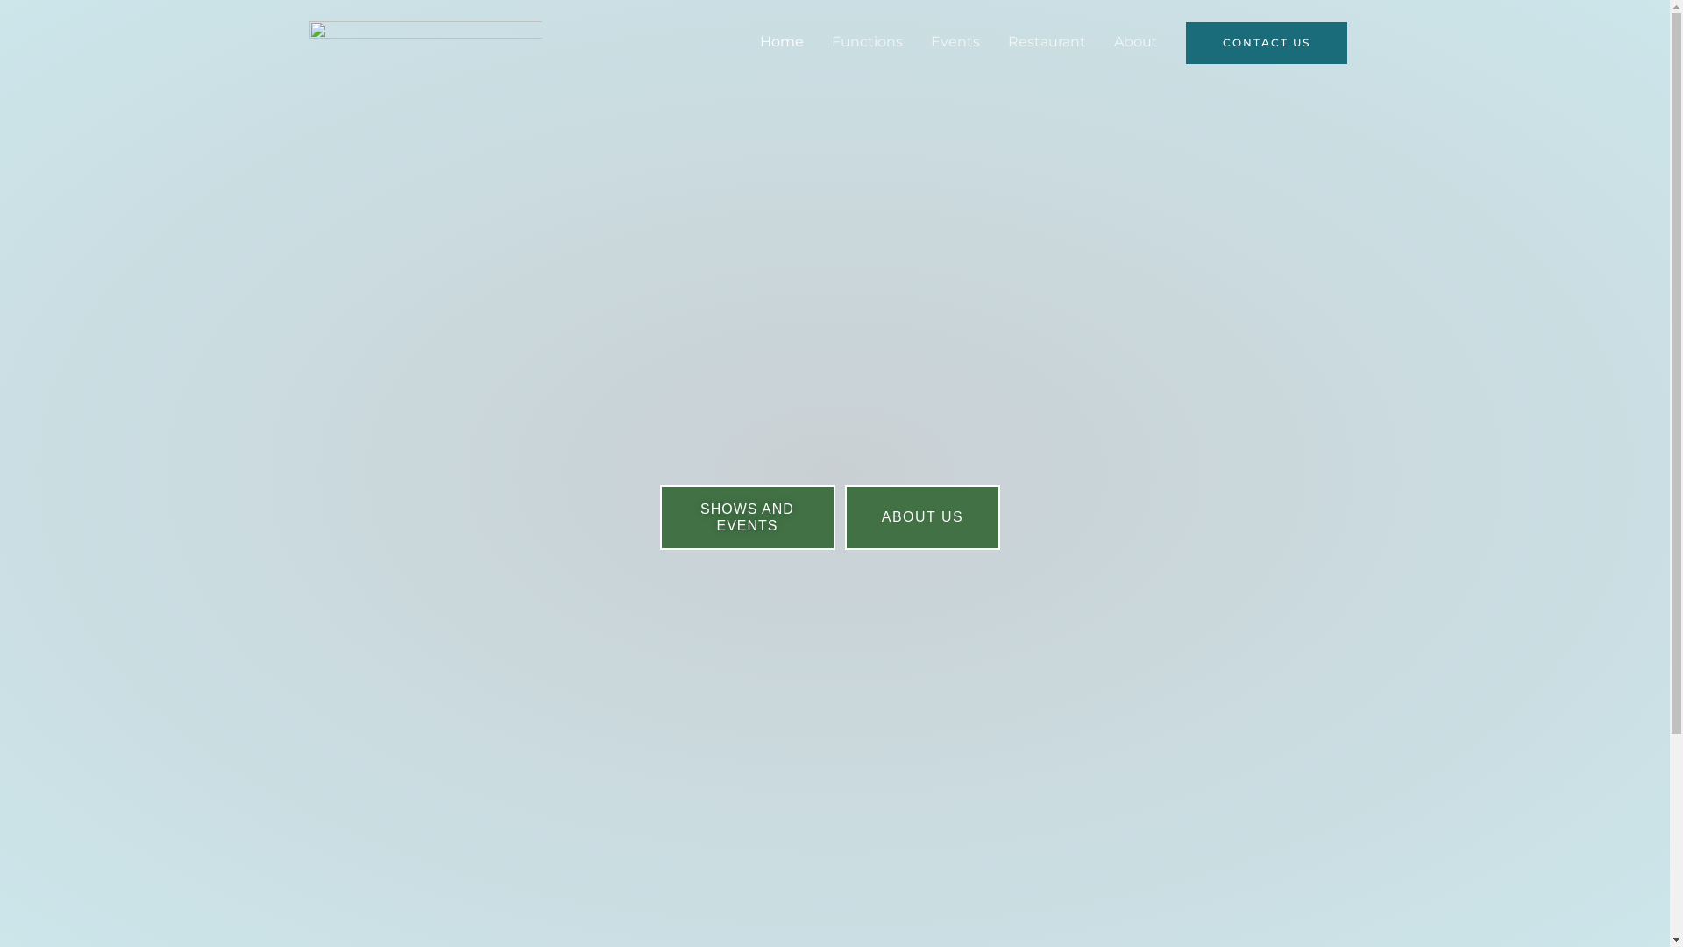  I want to click on 'About', so click(1135, 40).